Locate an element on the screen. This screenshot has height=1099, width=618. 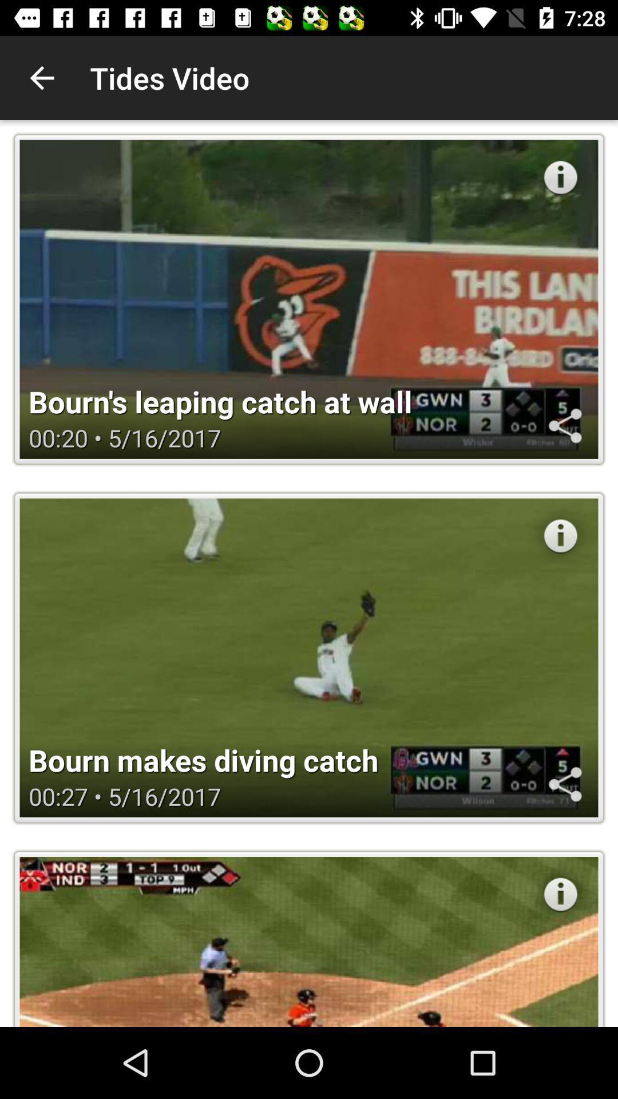
error sign is located at coordinates (560, 894).